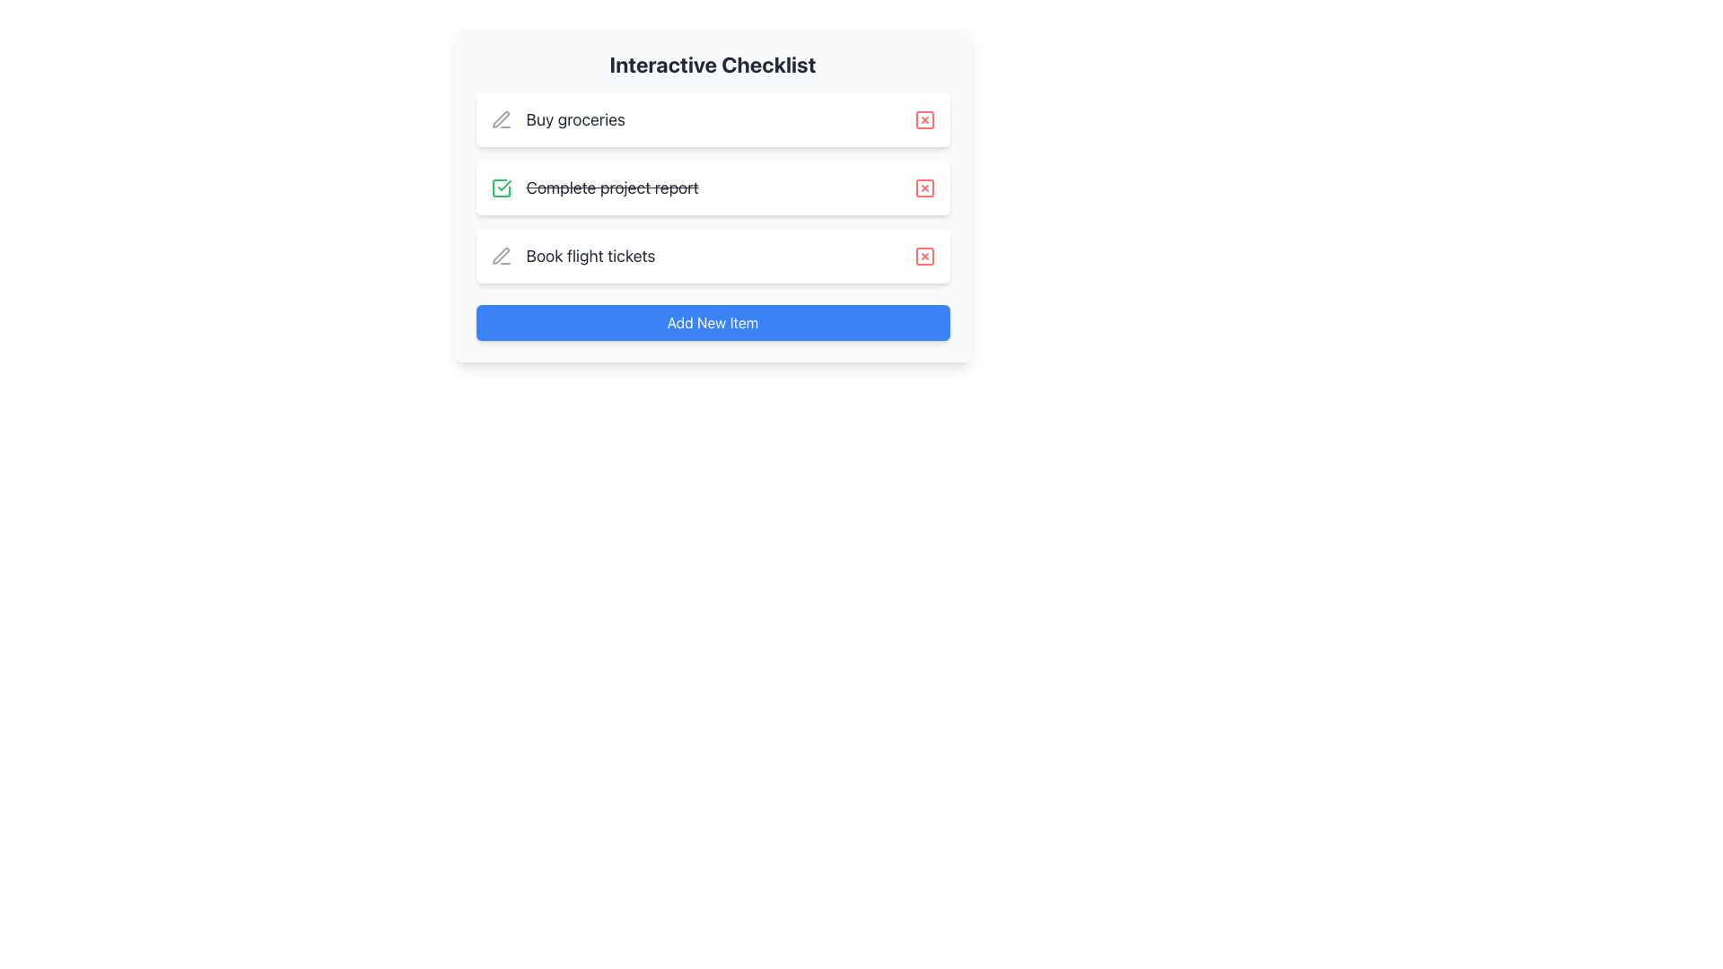 This screenshot has width=1723, height=969. I want to click on the pen icon representing the edit action for the 'Buy groceries' checklist item, located at the topmost position of the checklist interface, so click(500, 256).